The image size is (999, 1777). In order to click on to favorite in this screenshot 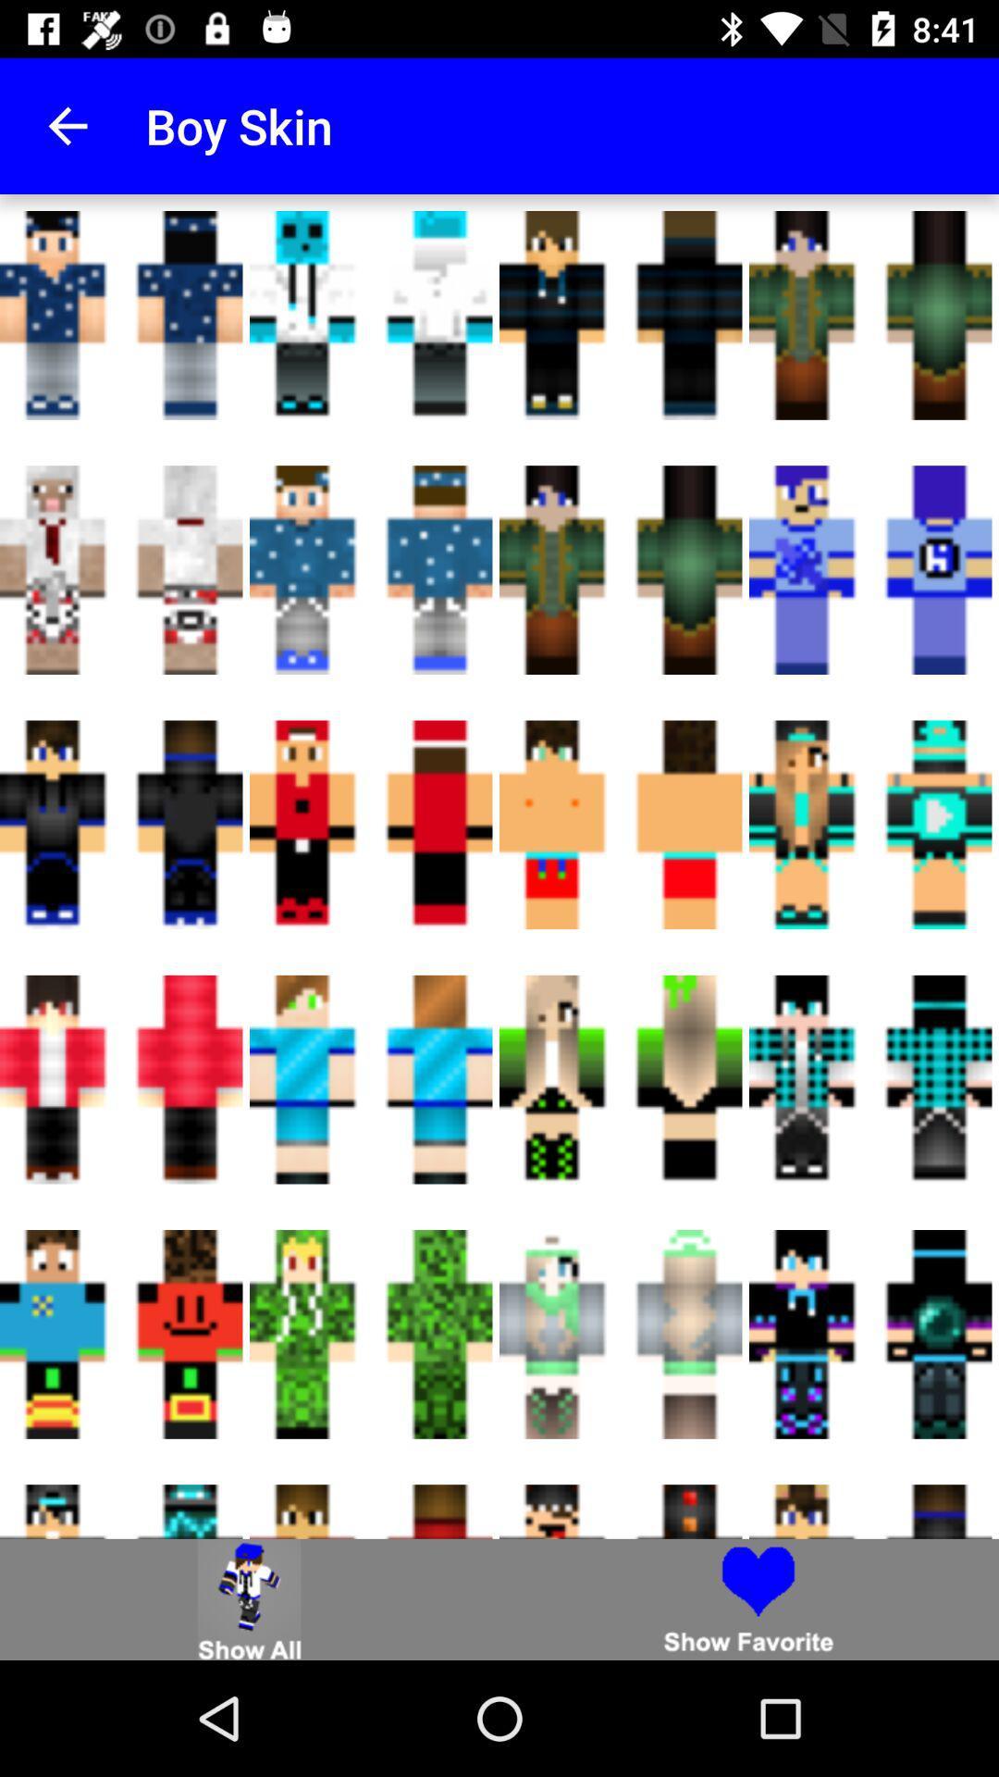, I will do `click(749, 1598)`.